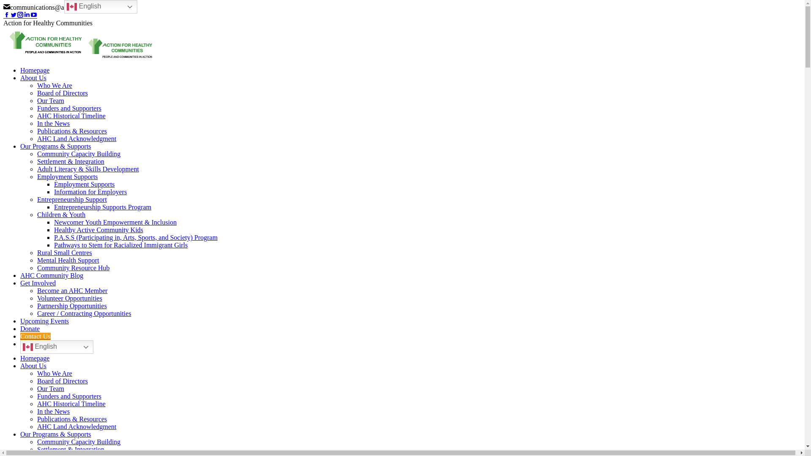 Image resolution: width=811 pixels, height=456 pixels. What do you see at coordinates (64, 252) in the screenshot?
I see `'Rural Small Centres'` at bounding box center [64, 252].